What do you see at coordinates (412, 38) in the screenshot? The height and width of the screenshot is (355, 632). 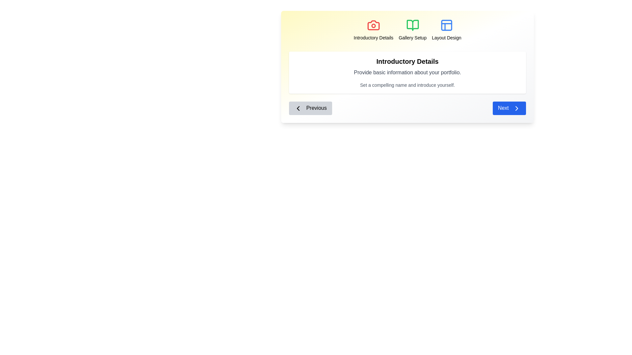 I see `the second static text label that describes the associated navigation item for the gallery setup section, located directly underneath the corresponding green book icon` at bounding box center [412, 38].